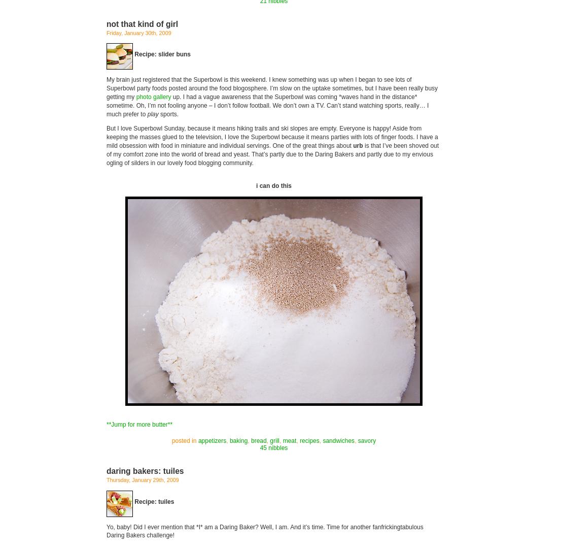 The width and height of the screenshot is (561, 546). What do you see at coordinates (152, 113) in the screenshot?
I see `'play'` at bounding box center [152, 113].